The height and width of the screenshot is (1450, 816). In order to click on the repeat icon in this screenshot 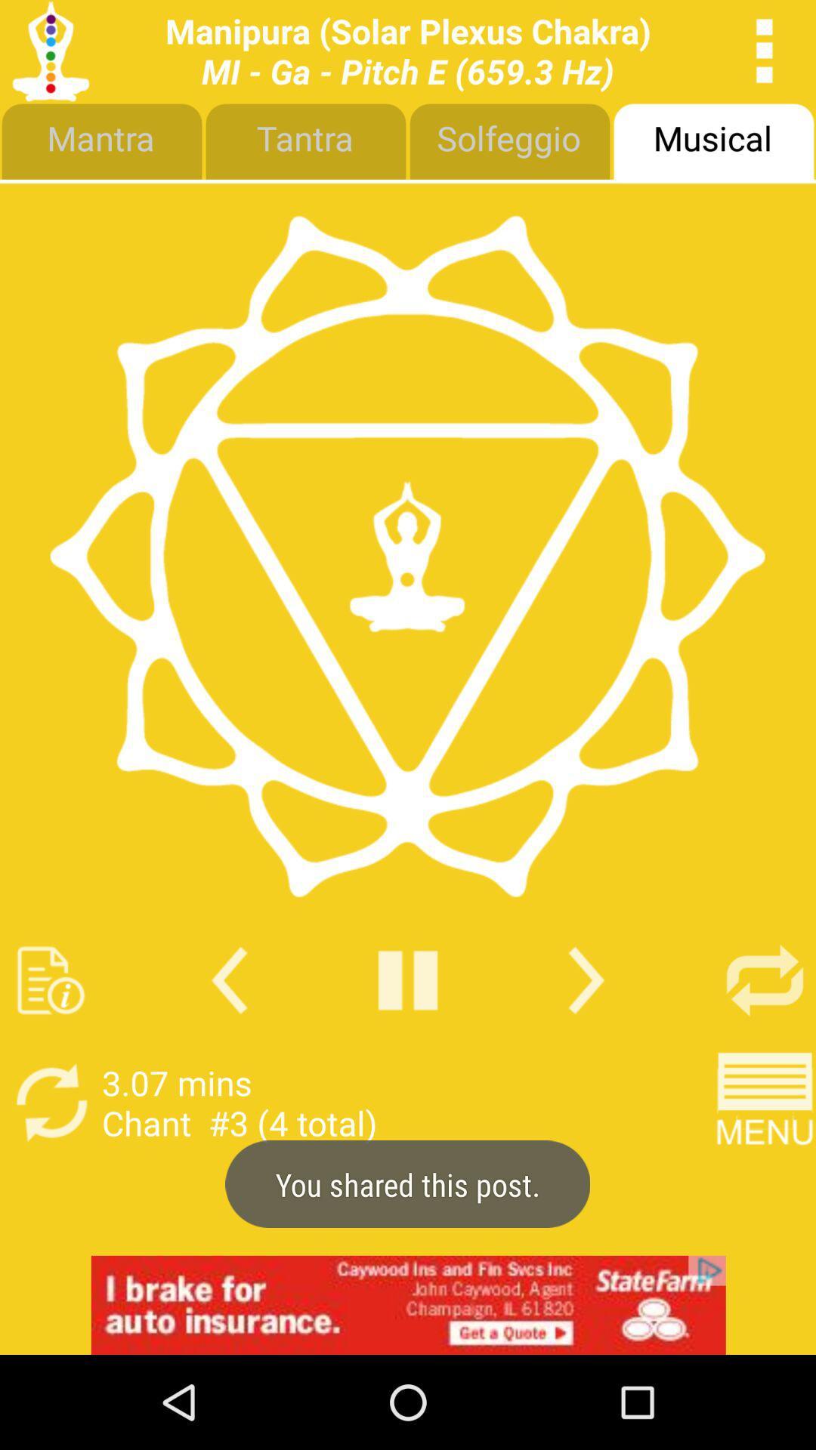, I will do `click(765, 1048)`.